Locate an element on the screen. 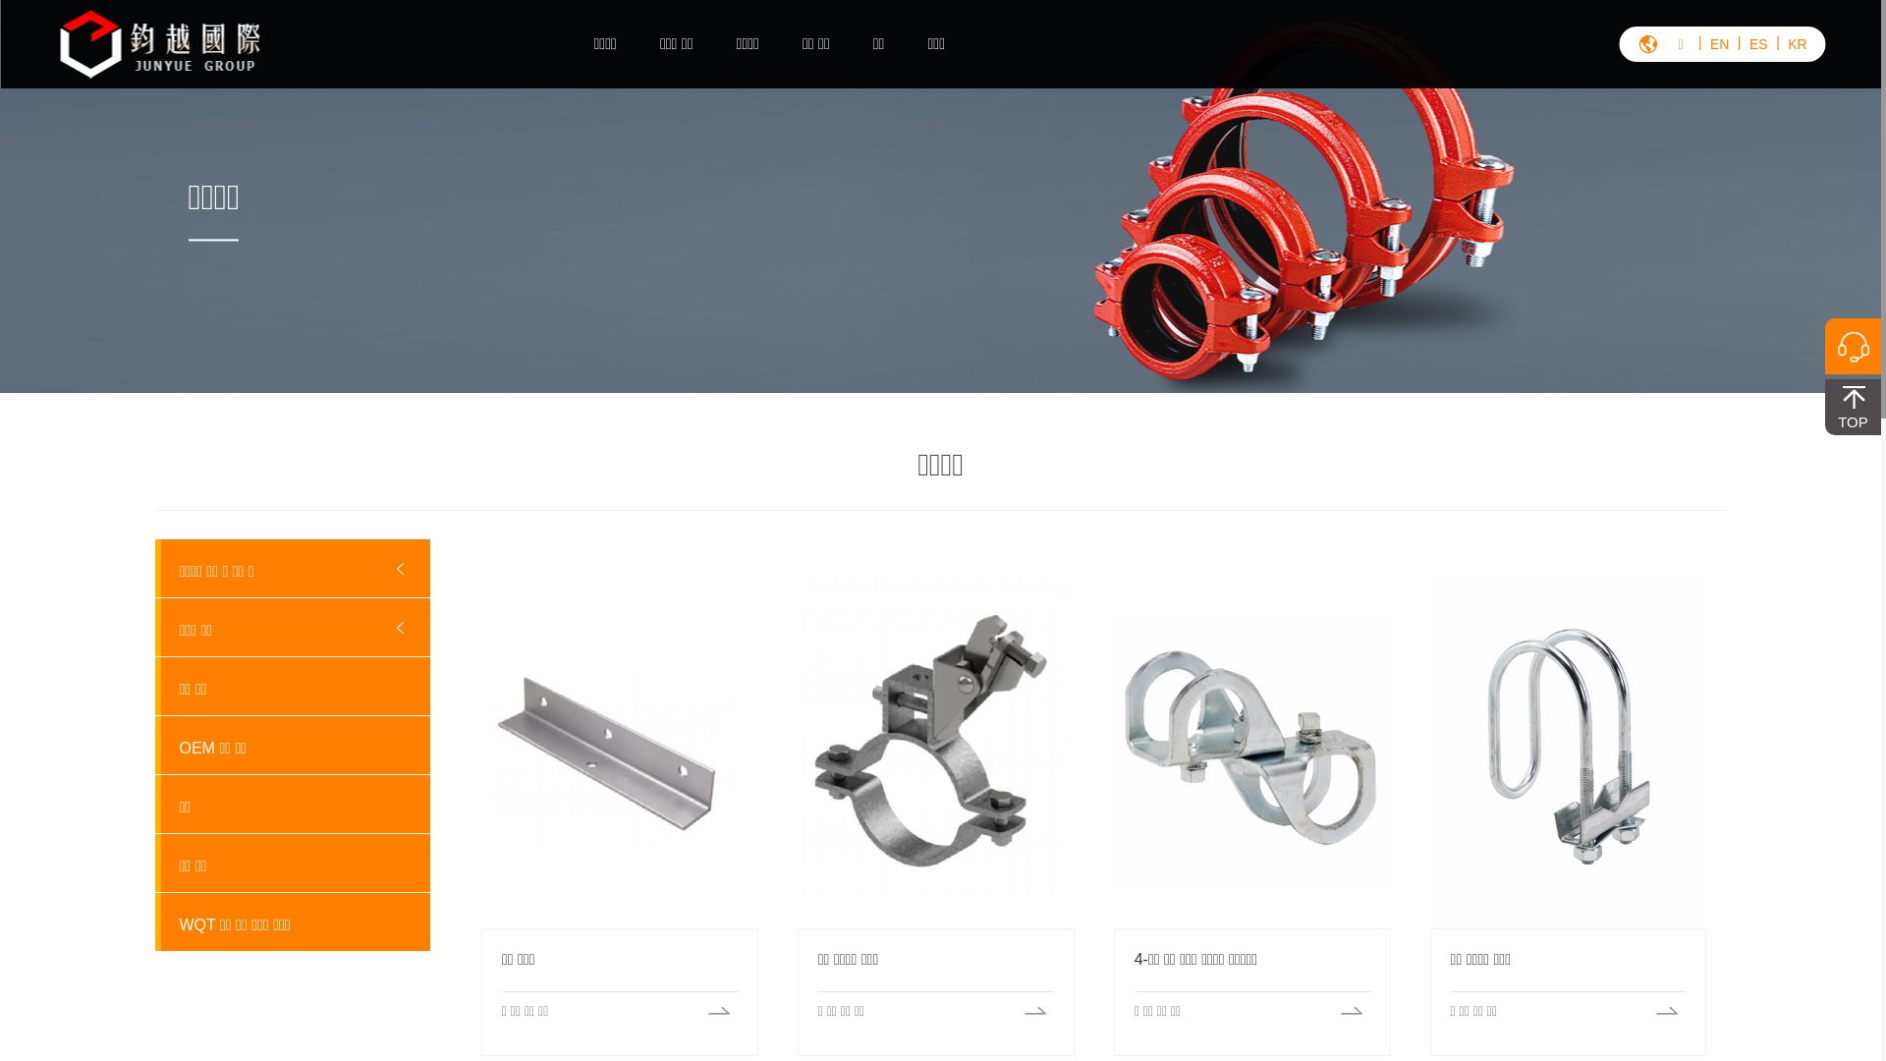  'ENTER' is located at coordinates (1780, 110).